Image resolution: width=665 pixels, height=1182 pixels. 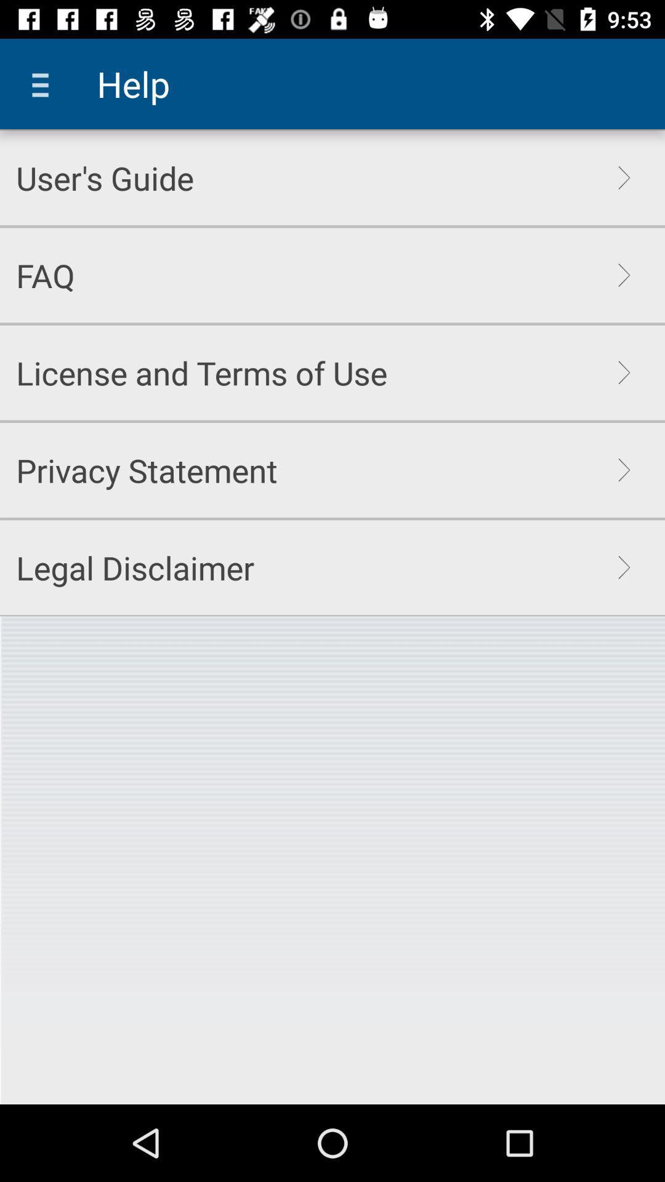 What do you see at coordinates (146, 469) in the screenshot?
I see `item below the license and terms item` at bounding box center [146, 469].